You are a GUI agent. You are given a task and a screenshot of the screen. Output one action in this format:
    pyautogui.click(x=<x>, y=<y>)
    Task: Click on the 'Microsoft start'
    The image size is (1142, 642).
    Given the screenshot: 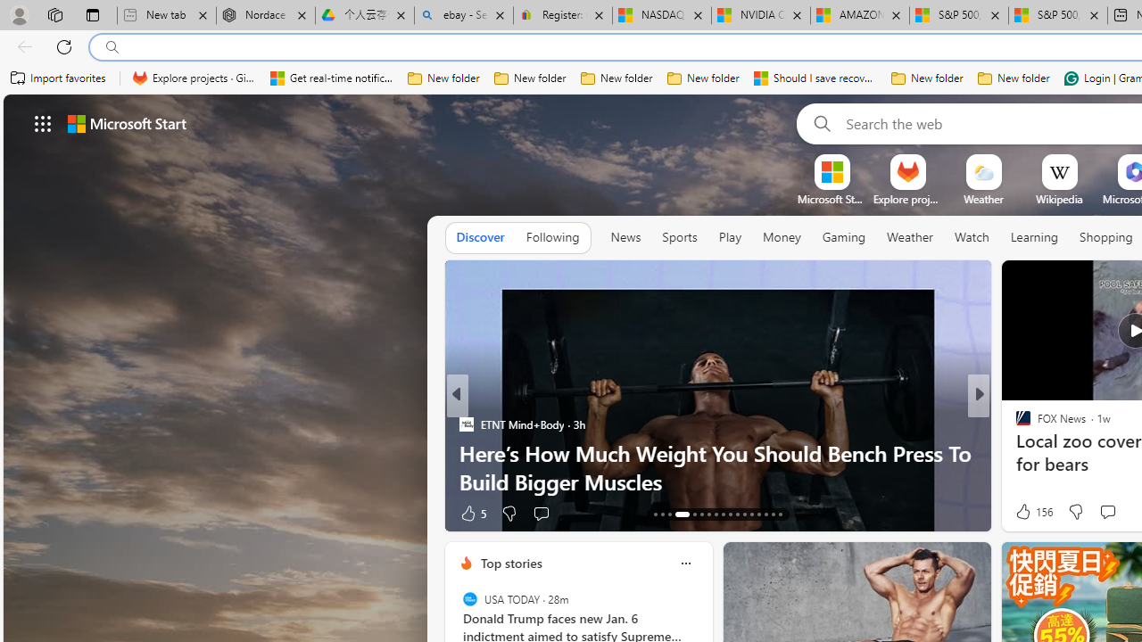 What is the action you would take?
    pyautogui.click(x=126, y=122)
    